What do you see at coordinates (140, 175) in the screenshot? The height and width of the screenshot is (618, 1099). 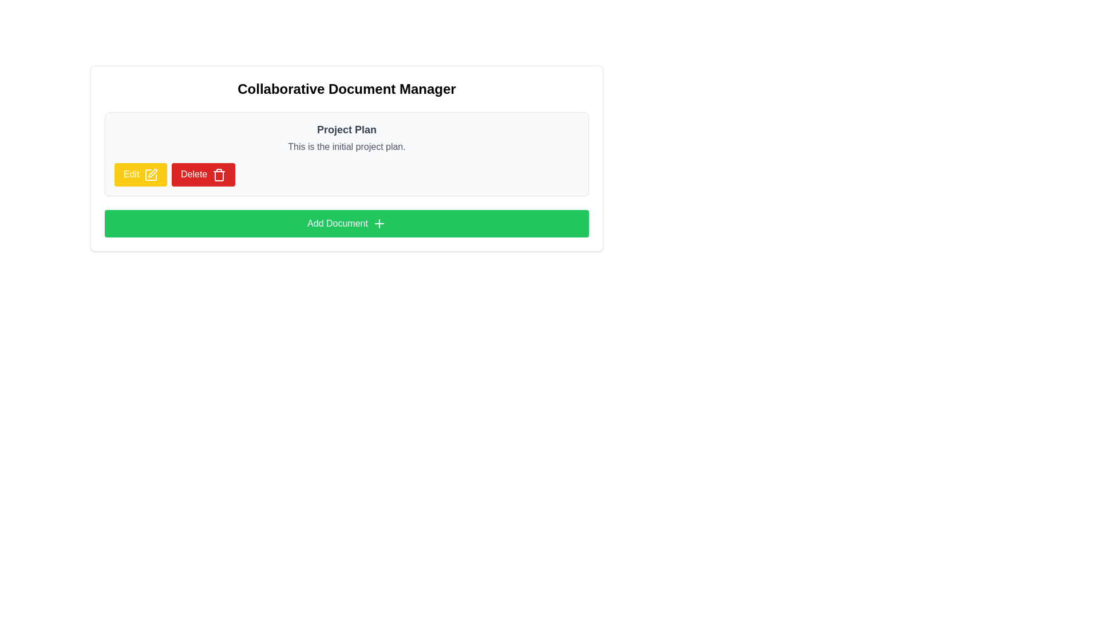 I see `the yellow 'Edit' button with rounded corners, located to the left of the red 'Delete' button in the 'Collaborative Document Manager' section` at bounding box center [140, 175].